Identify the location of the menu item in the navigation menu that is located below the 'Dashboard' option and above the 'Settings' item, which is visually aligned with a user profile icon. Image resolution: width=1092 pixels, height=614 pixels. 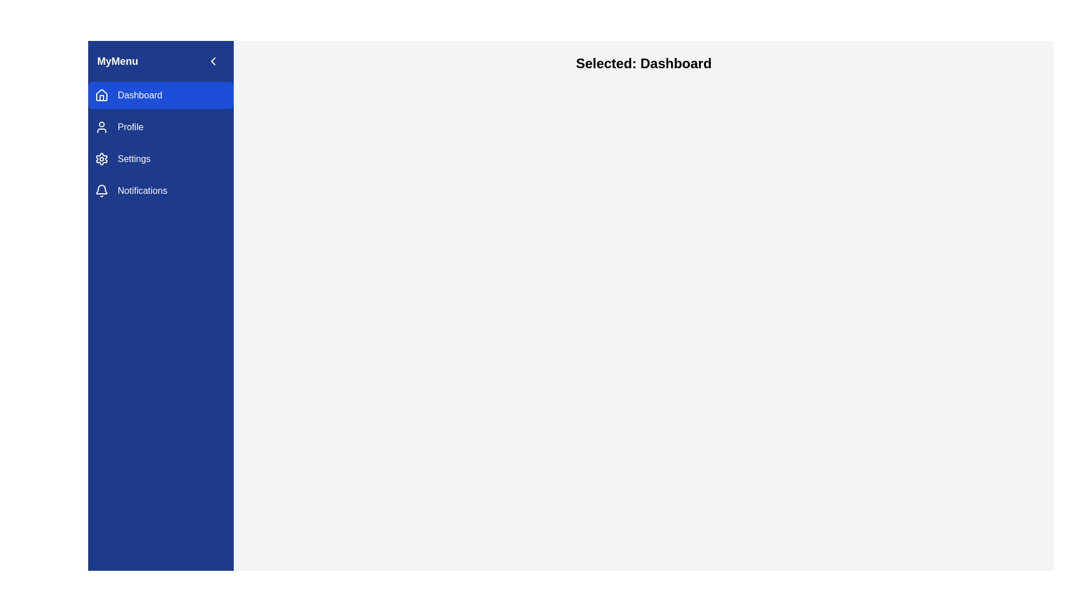
(130, 127).